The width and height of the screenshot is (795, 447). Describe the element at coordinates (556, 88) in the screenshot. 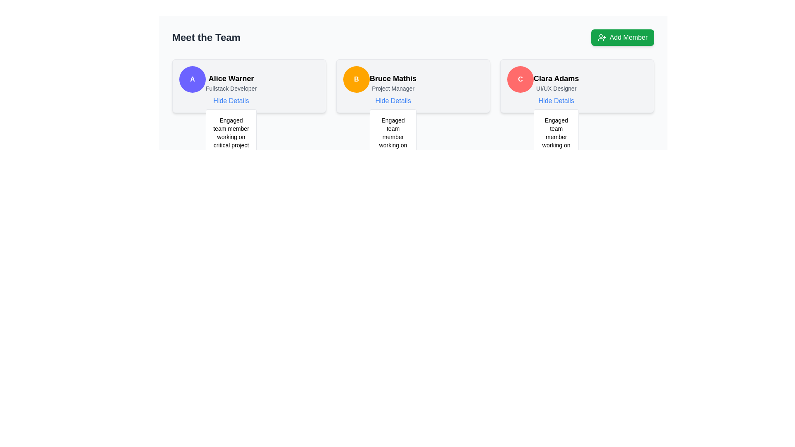

I see `the text label displaying 'UI/UX Designer', which is styled in a small, gray, sans-serif font, located below 'Clara Adams' in a card-like layout` at that location.